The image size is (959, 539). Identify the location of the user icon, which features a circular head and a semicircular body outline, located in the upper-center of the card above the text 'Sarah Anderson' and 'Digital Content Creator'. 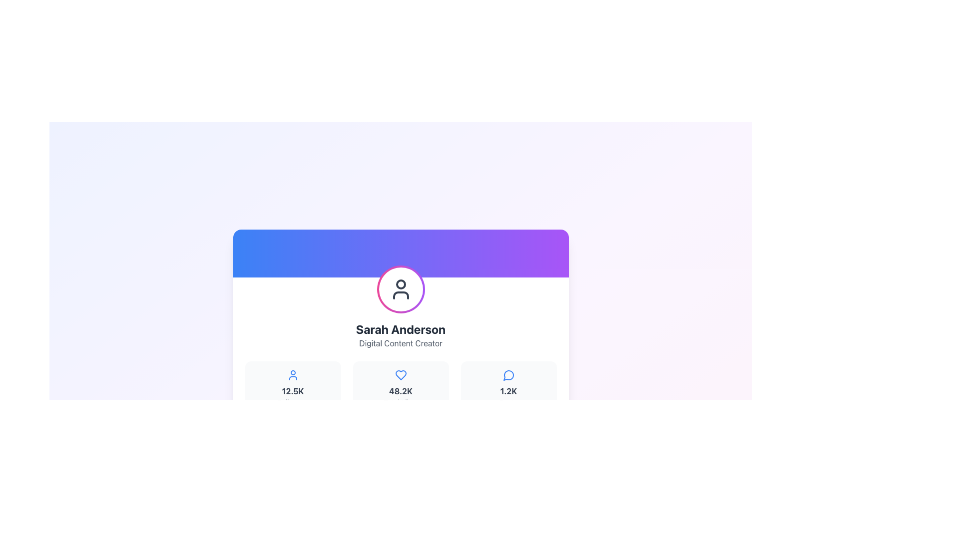
(401, 289).